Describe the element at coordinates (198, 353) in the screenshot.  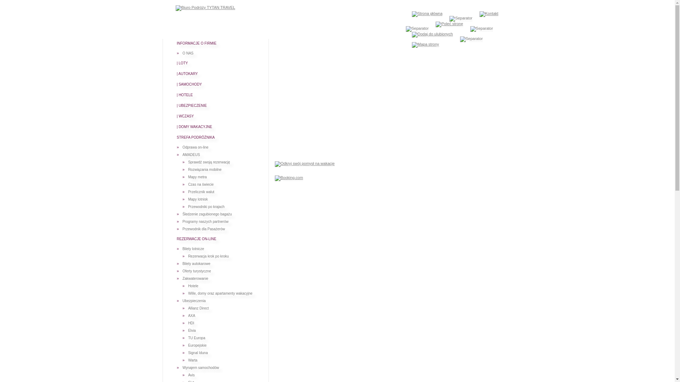
I see `'Signal Iduna'` at that location.